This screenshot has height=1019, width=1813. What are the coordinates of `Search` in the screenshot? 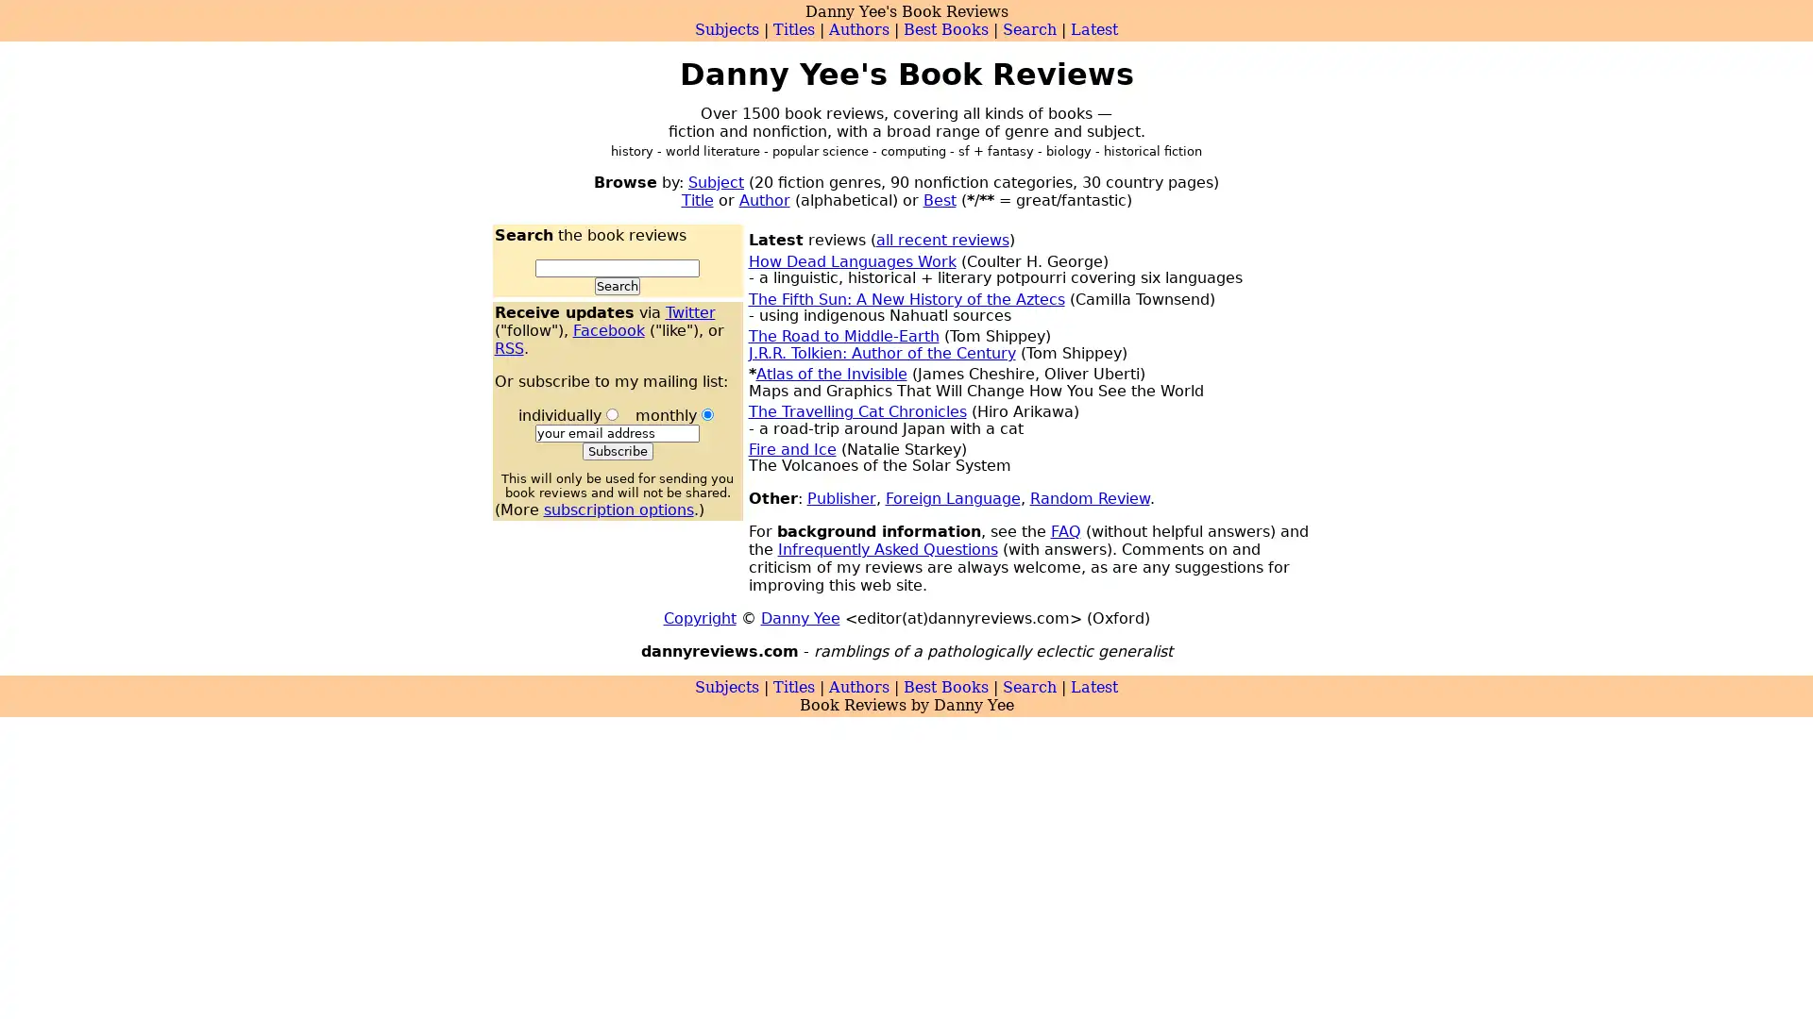 It's located at (617, 286).